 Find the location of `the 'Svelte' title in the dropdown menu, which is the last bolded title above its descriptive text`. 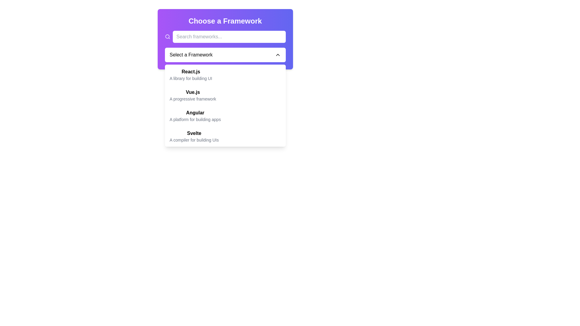

the 'Svelte' title in the dropdown menu, which is the last bolded title above its descriptive text is located at coordinates (194, 133).